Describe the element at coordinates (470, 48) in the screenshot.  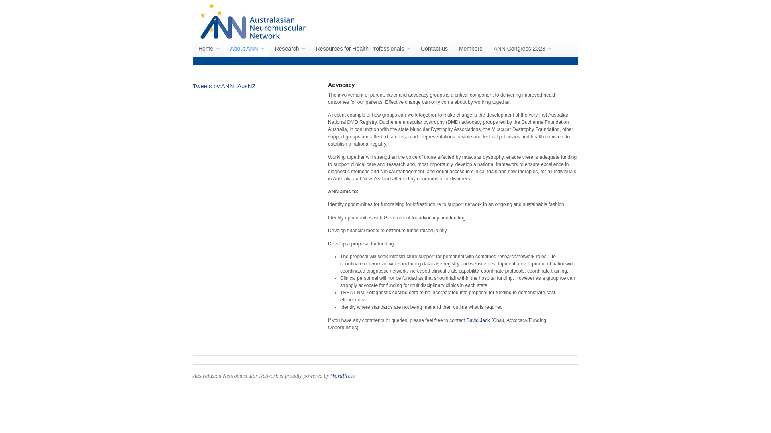
I see `'Members'` at that location.